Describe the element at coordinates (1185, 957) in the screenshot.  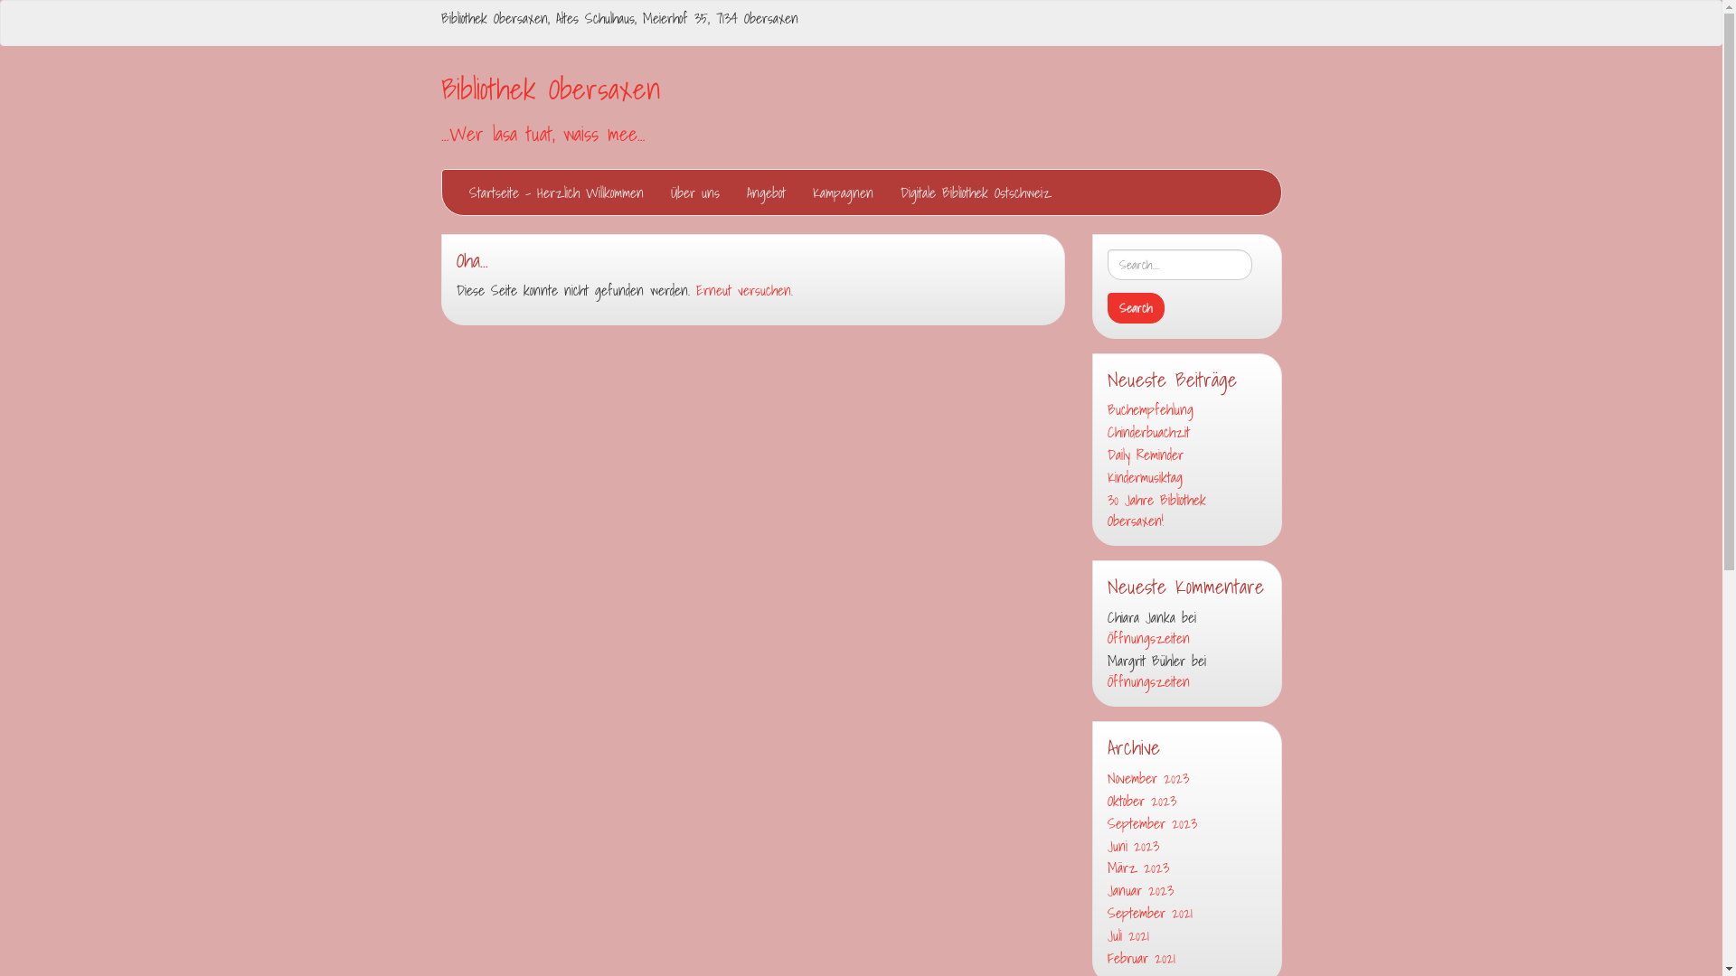
I see `'Februar 2021'` at that location.